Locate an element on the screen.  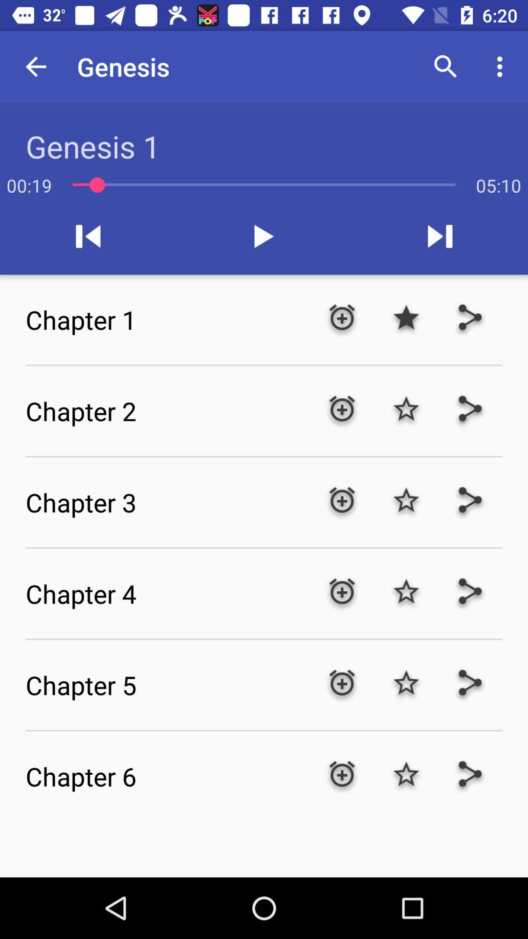
chapter 2 is located at coordinates (167, 411).